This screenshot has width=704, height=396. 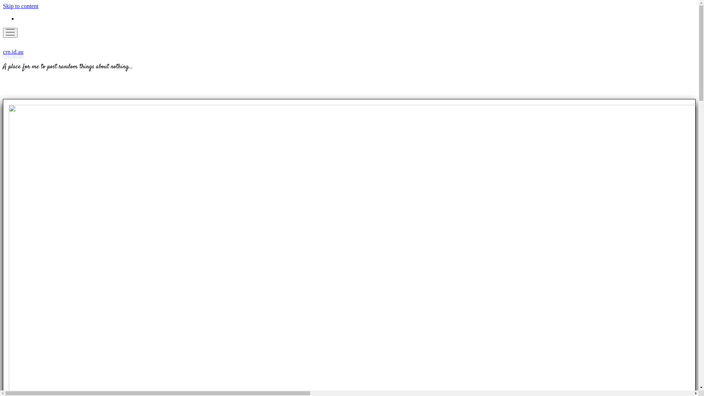 I want to click on 'open menu', so click(x=3, y=32).